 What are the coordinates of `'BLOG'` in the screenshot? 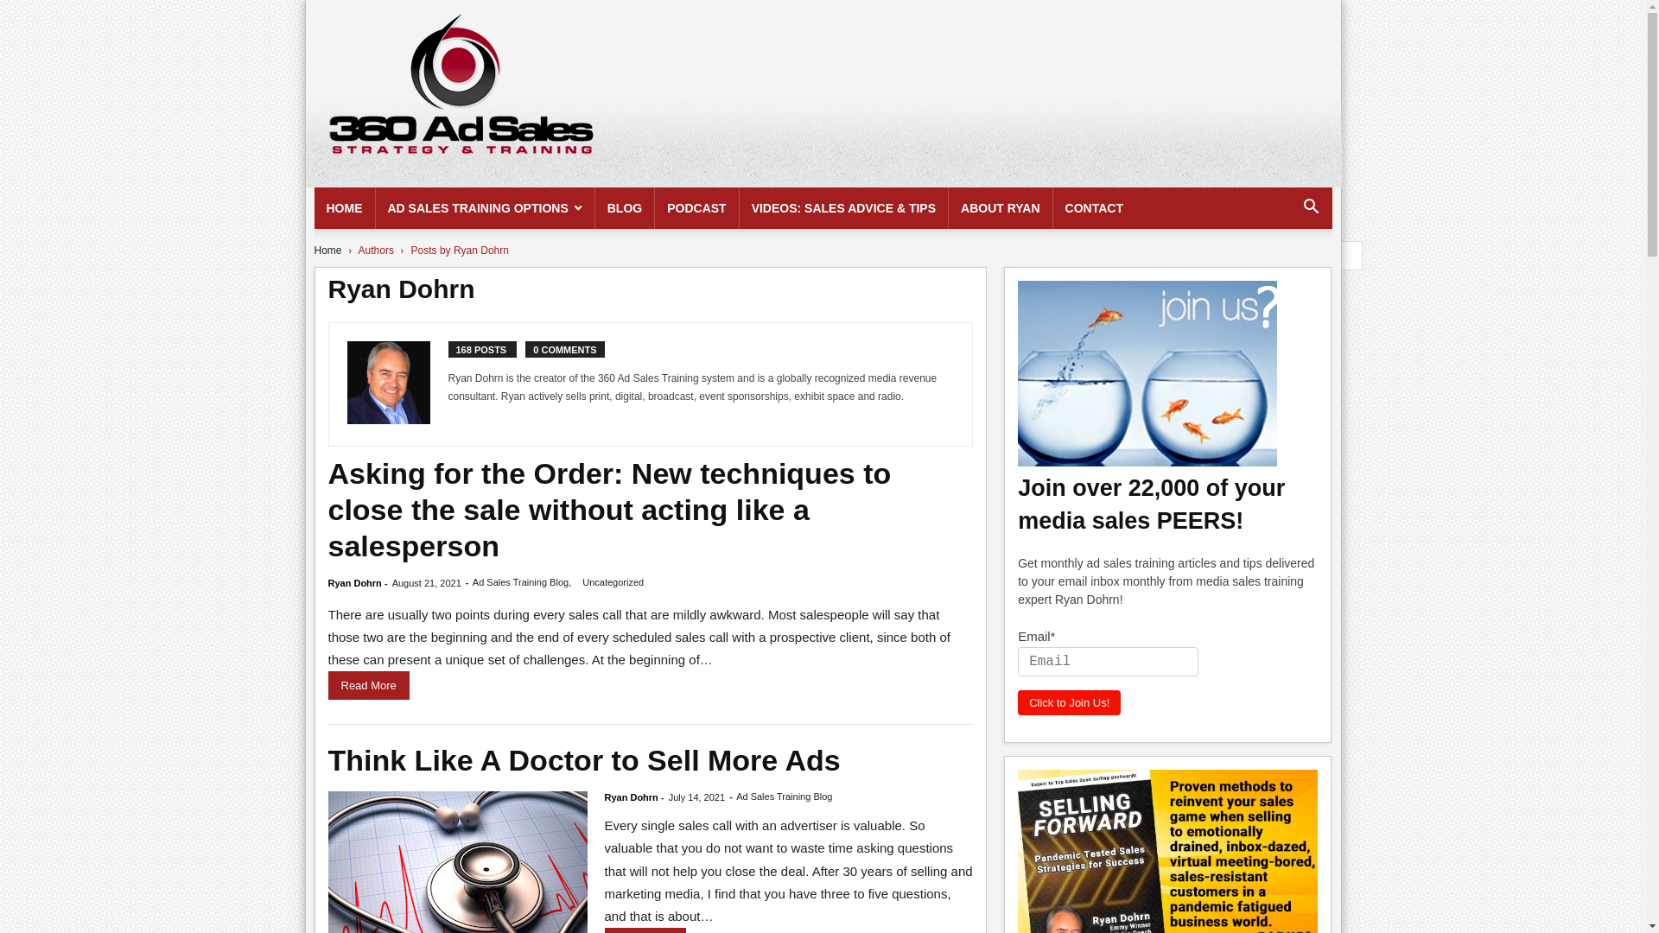 It's located at (624, 206).